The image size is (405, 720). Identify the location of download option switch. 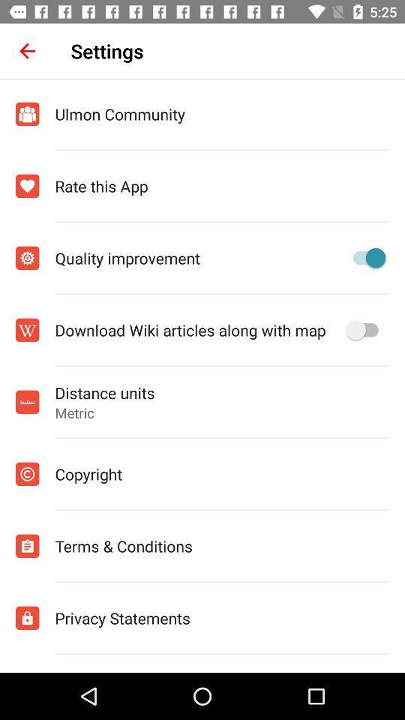
(364, 330).